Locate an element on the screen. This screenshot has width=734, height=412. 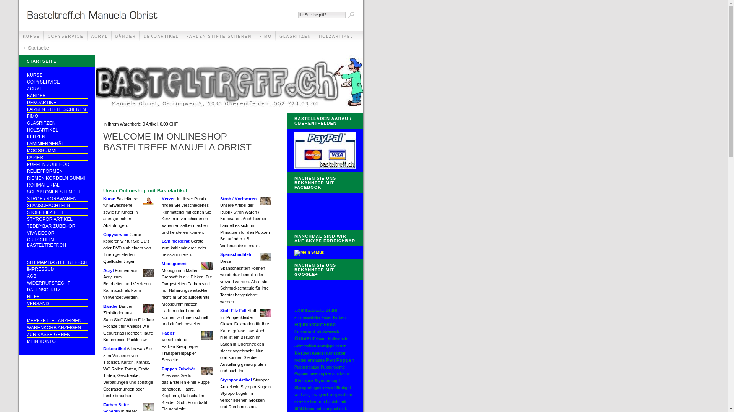
'PAPIER' is located at coordinates (57, 157).